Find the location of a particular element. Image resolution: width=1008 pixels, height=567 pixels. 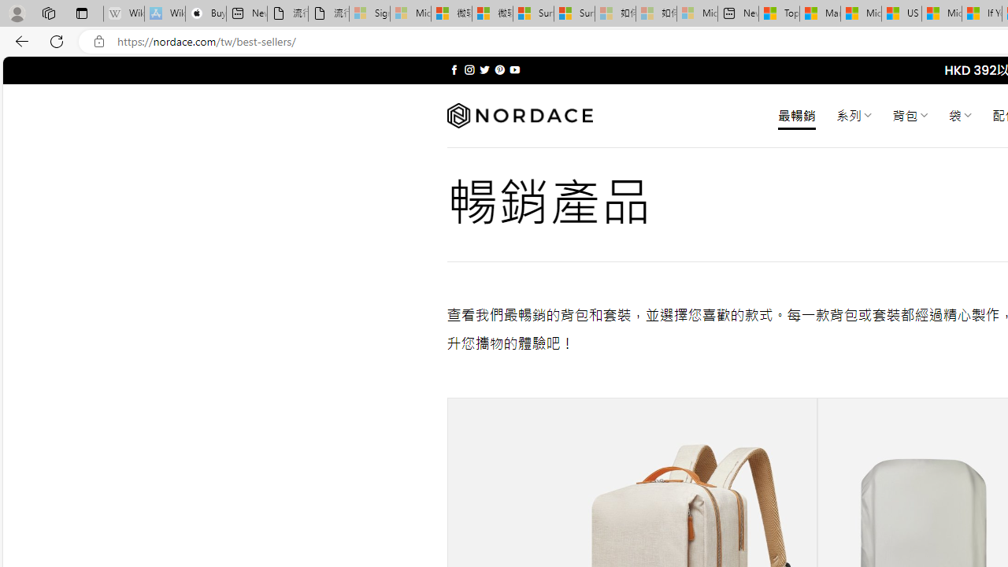

'Sign in to your Microsoft account - Sleeping' is located at coordinates (369, 13).